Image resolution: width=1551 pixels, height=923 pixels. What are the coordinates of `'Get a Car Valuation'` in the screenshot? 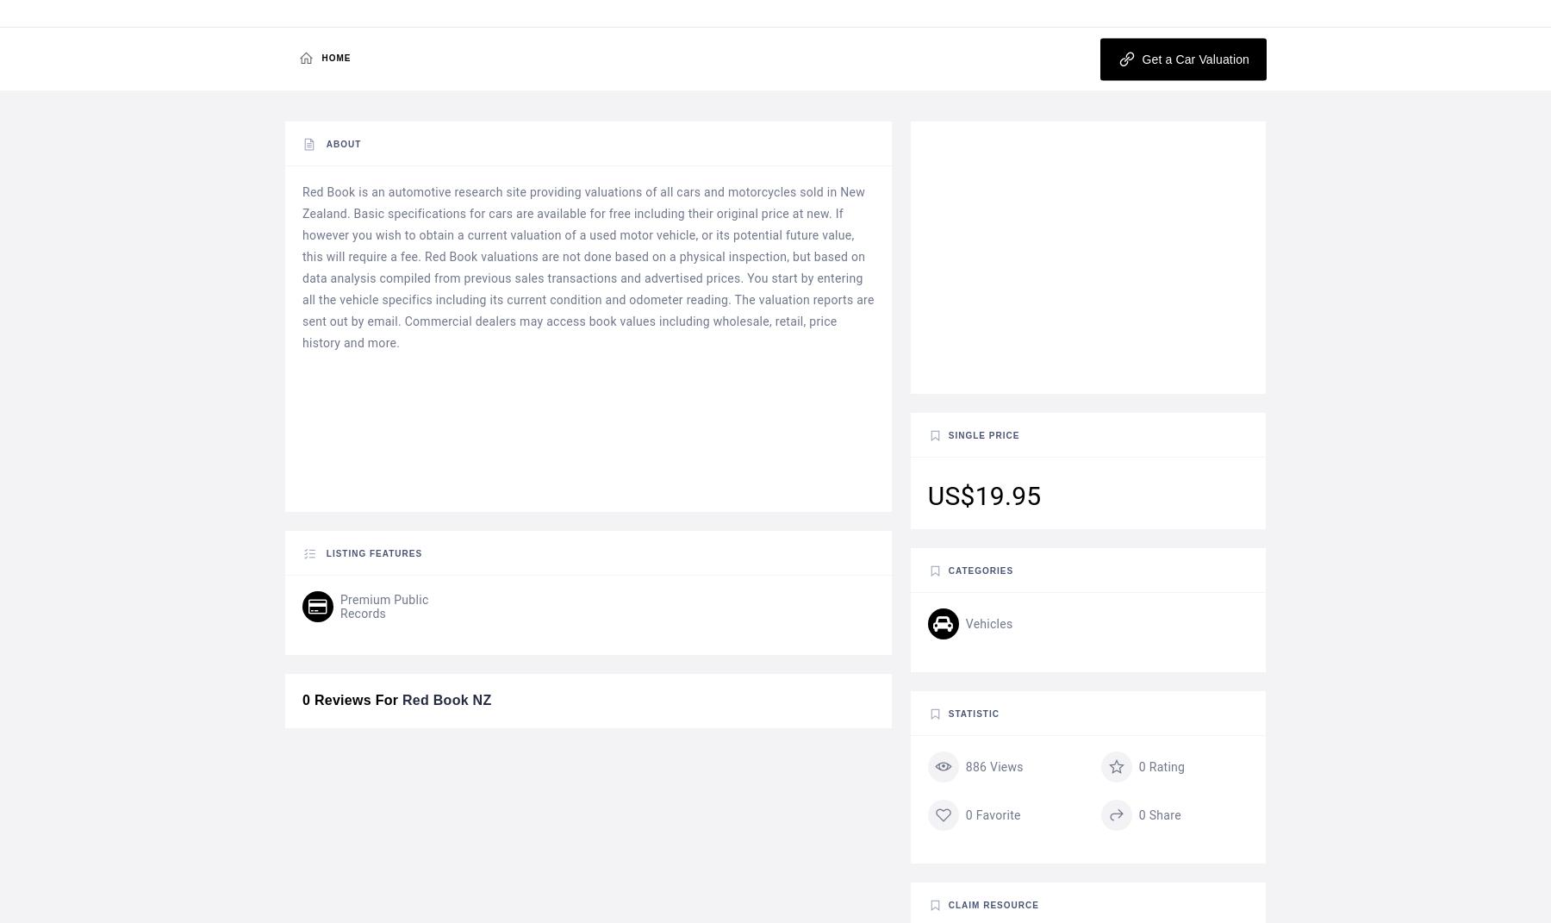 It's located at (1193, 58).